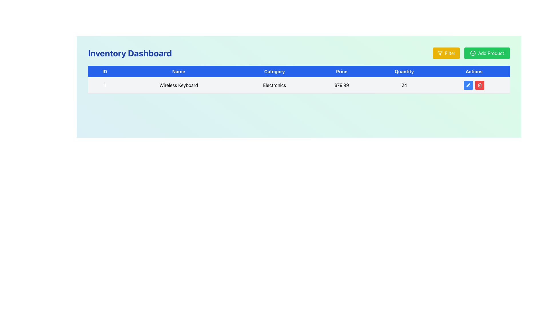 The width and height of the screenshot is (549, 309). I want to click on the first button in the 'Actions' column of the table, so click(468, 85).